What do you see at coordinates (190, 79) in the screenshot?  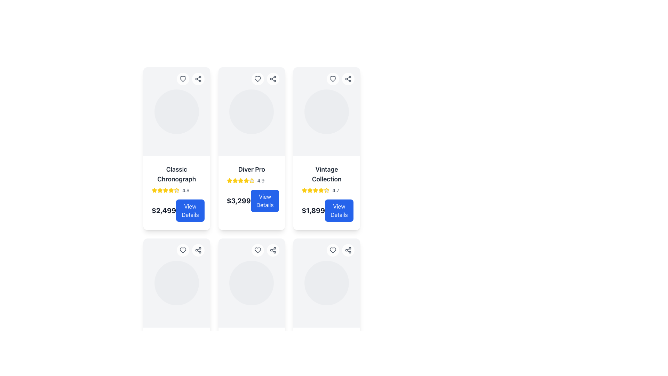 I see `the share button in the top-right corner of the product card to share the item` at bounding box center [190, 79].